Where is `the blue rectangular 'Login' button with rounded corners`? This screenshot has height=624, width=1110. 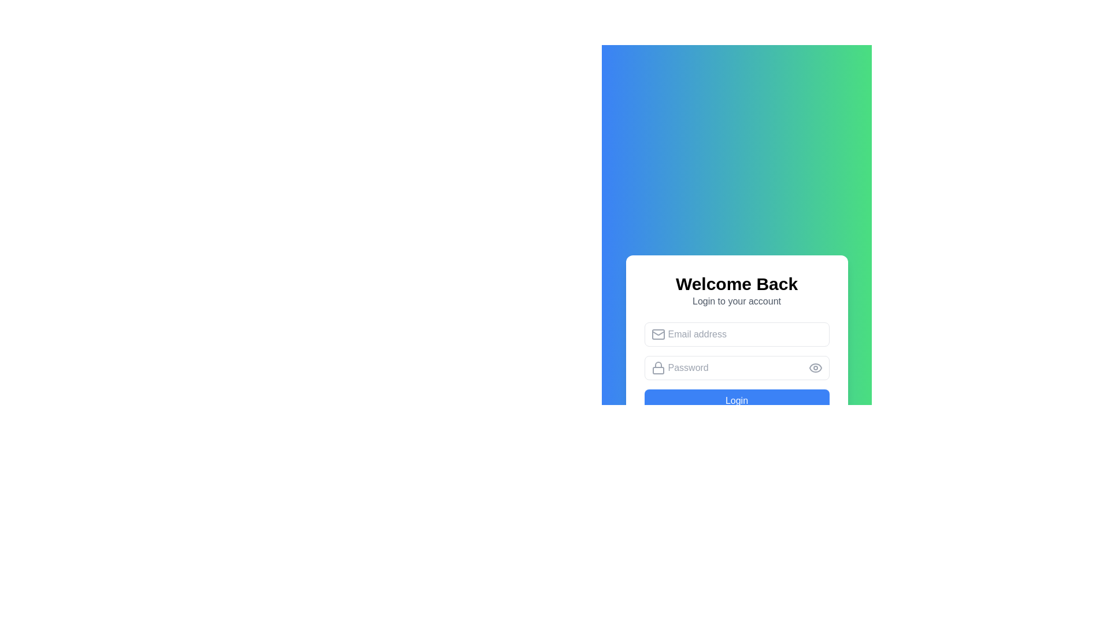 the blue rectangular 'Login' button with rounded corners is located at coordinates (736, 400).